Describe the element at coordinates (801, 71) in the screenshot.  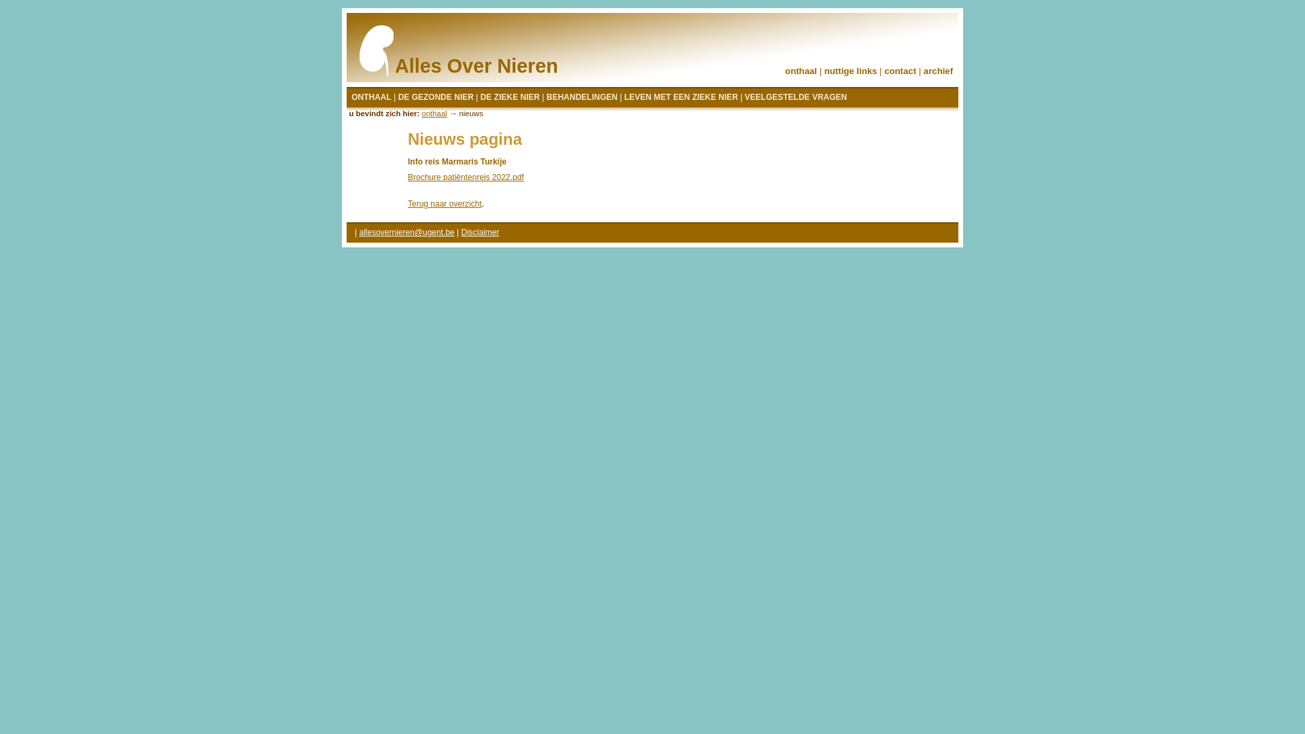
I see `'onthaal'` at that location.